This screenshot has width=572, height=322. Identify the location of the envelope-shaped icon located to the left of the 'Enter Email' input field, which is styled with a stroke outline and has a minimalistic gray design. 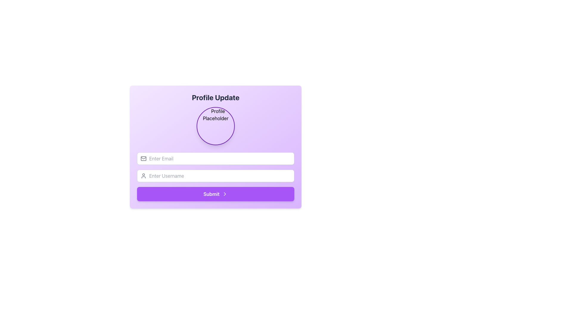
(143, 158).